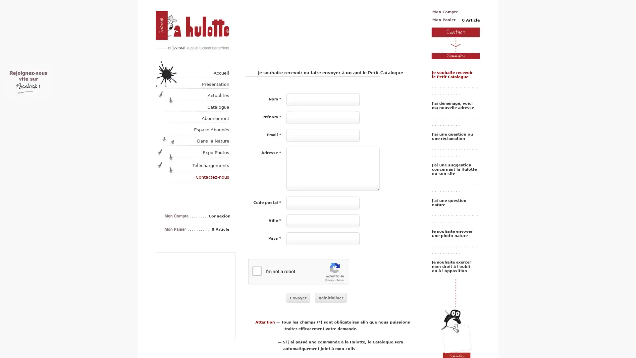 This screenshot has width=636, height=358. I want to click on Envoyer, so click(298, 297).